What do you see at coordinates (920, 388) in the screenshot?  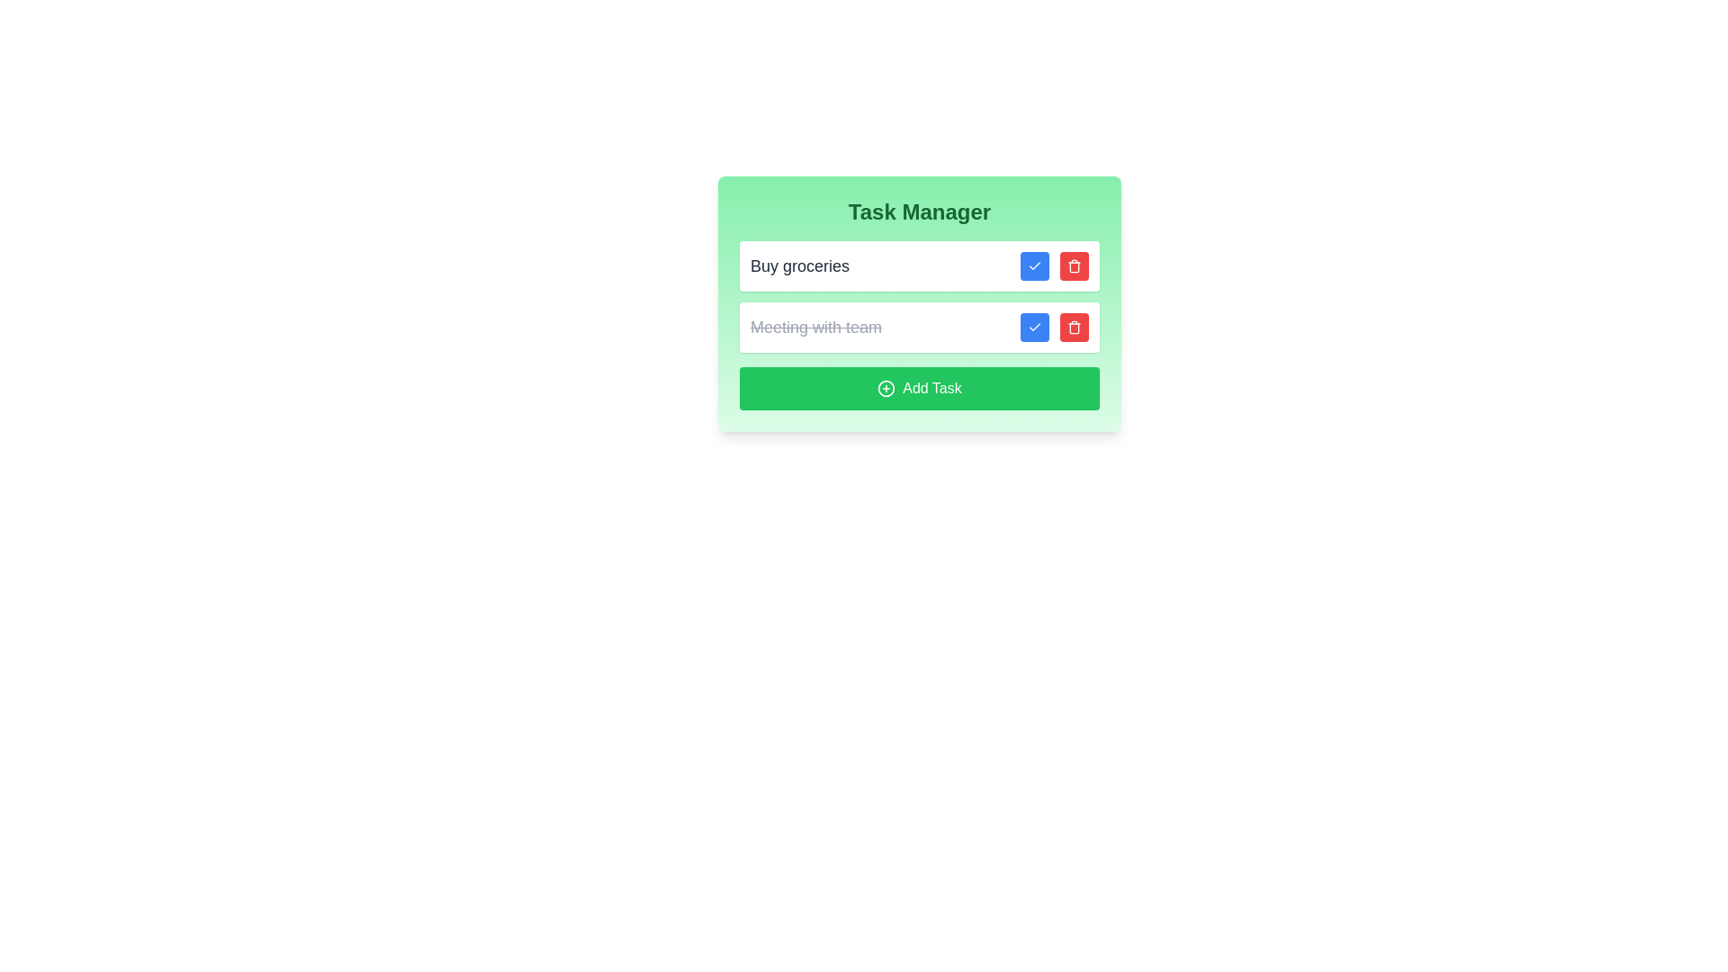 I see `the task addition button located centrally within the green-gradient panel at the bottom of the task management interface to experience the visual hover effect` at bounding box center [920, 388].